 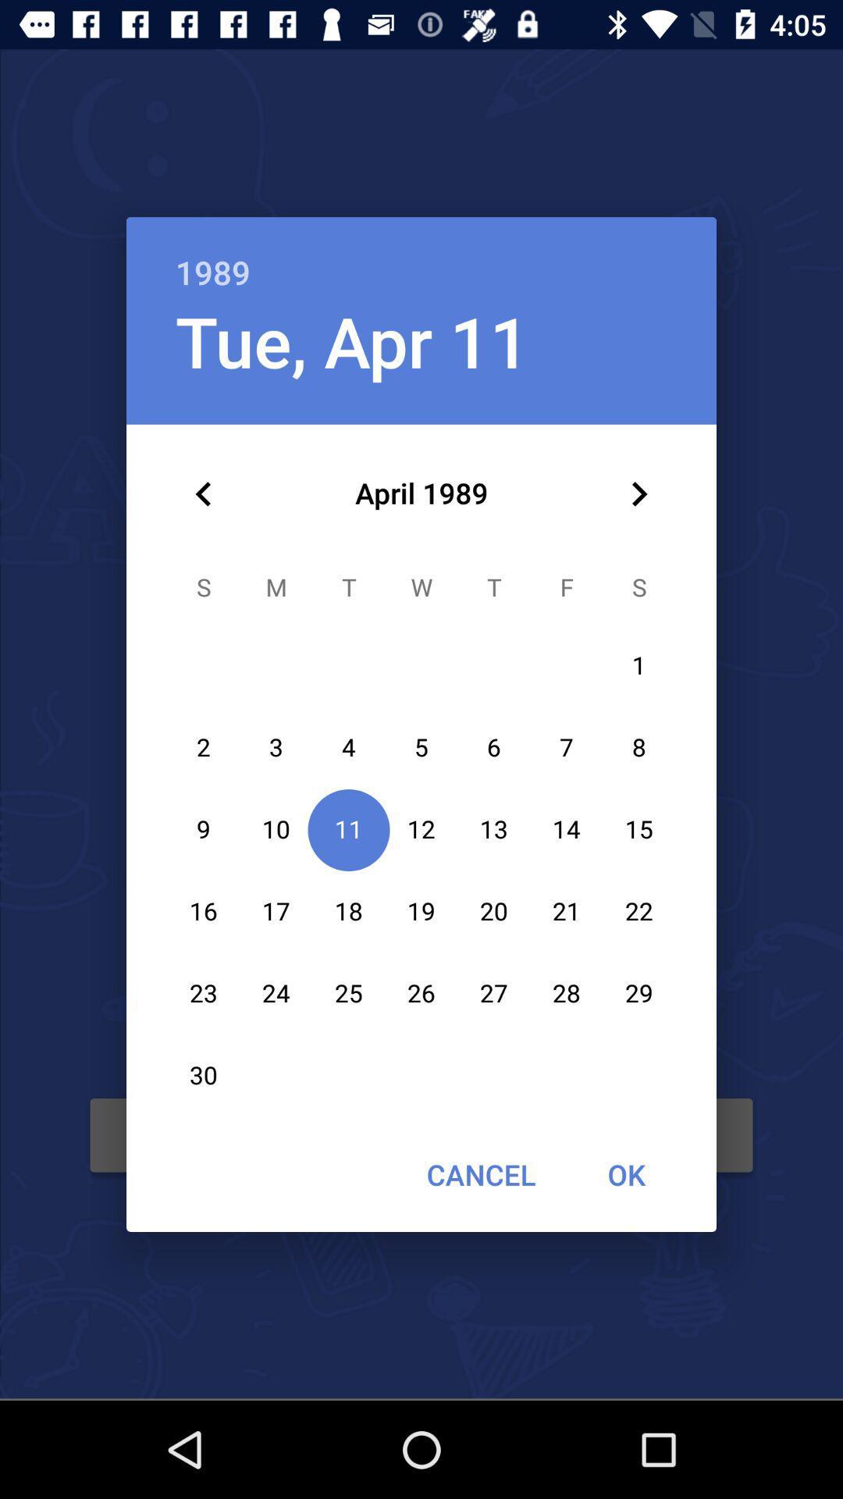 I want to click on ok, so click(x=625, y=1174).